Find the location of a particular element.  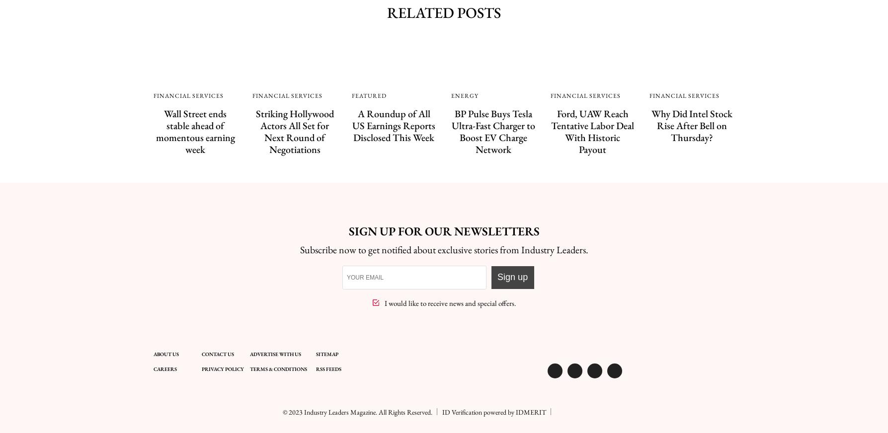

'RELATED POSTS' is located at coordinates (387, 12).